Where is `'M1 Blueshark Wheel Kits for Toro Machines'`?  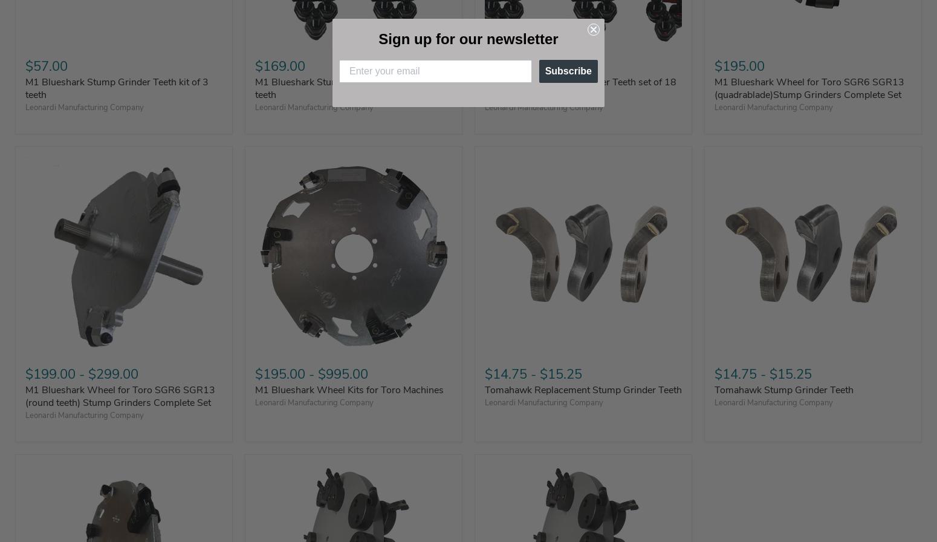
'M1 Blueshark Wheel Kits for Toro Machines' is located at coordinates (349, 390).